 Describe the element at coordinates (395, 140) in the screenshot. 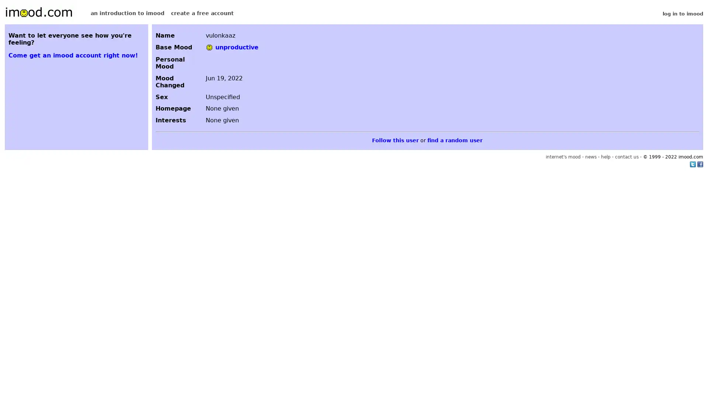

I see `Follow this user` at that location.